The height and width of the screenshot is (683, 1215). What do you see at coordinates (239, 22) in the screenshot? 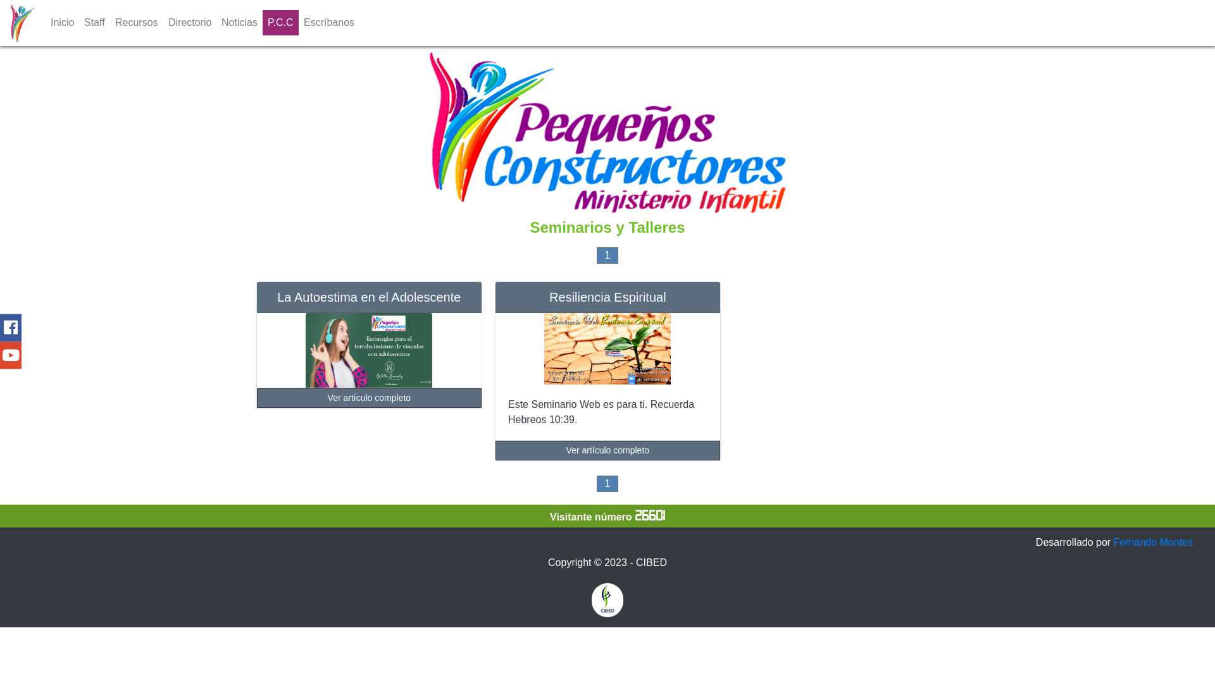
I see `'Noticias'` at bounding box center [239, 22].